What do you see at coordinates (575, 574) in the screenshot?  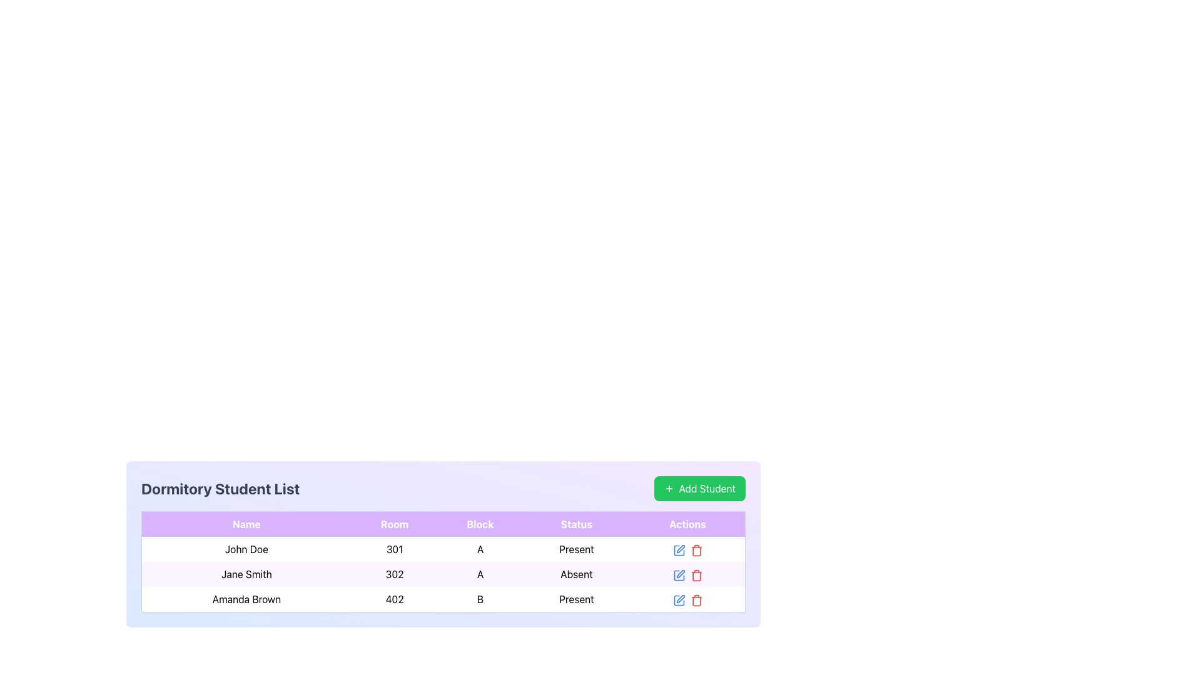 I see `the attendance status text indicating that Jane Smith is 'Absent', located in the 'Status' column of the table` at bounding box center [575, 574].